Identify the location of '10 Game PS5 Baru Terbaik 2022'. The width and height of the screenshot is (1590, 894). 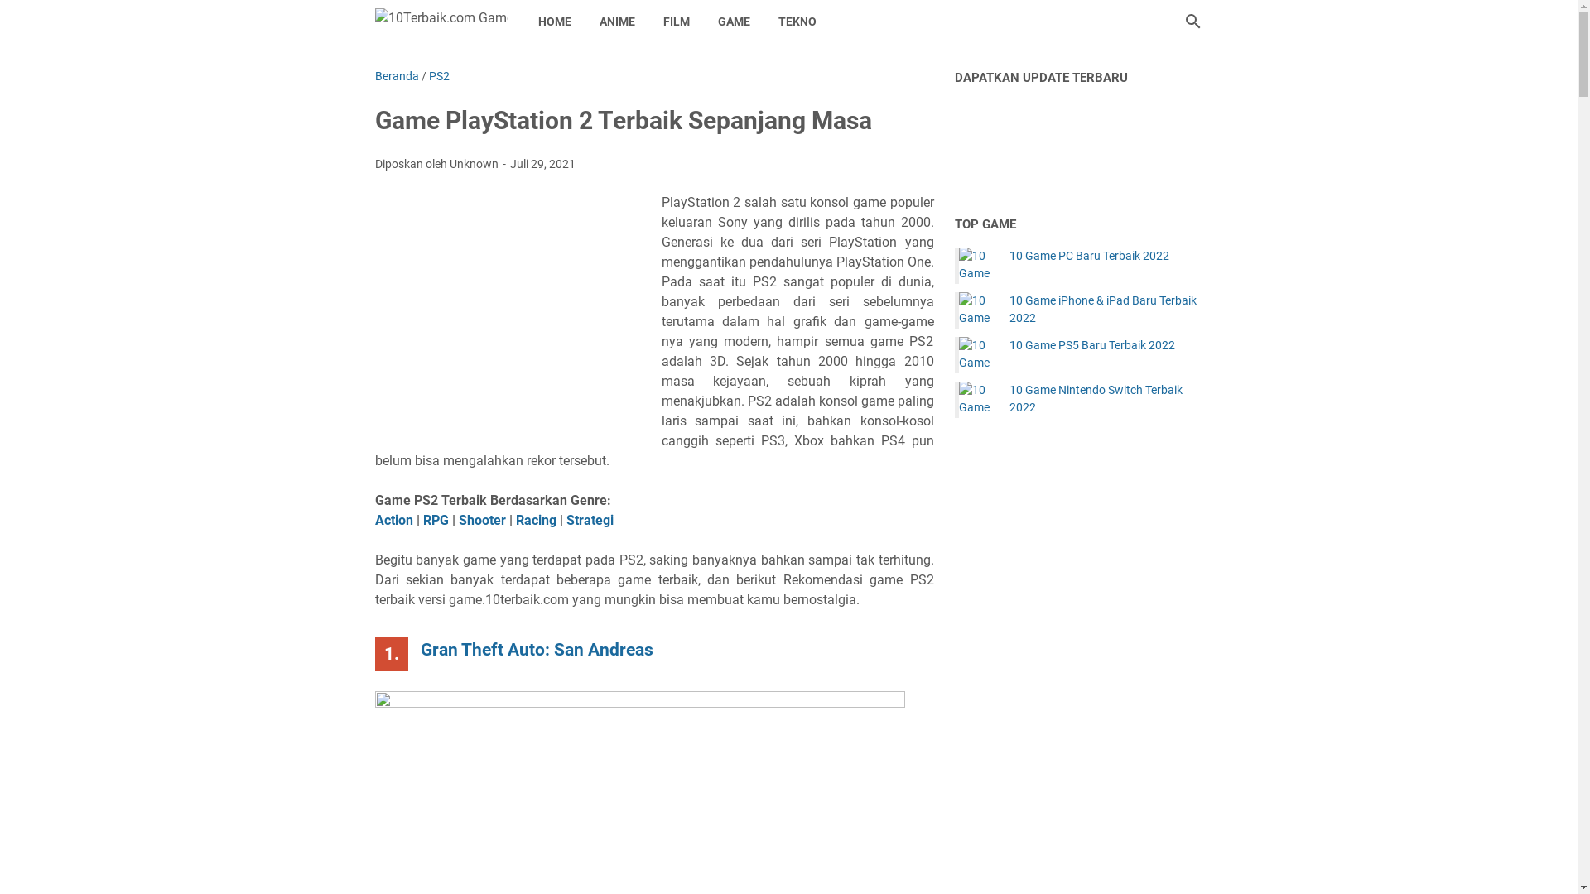
(1091, 344).